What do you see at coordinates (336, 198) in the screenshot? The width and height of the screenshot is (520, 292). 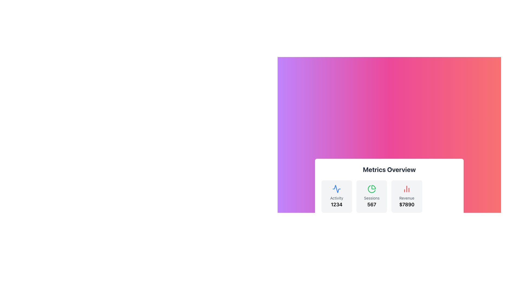 I see `the text label that describes the numerical value '1234', which is positioned within a card UI component, located below a blue wave icon and above the text '1234'` at bounding box center [336, 198].